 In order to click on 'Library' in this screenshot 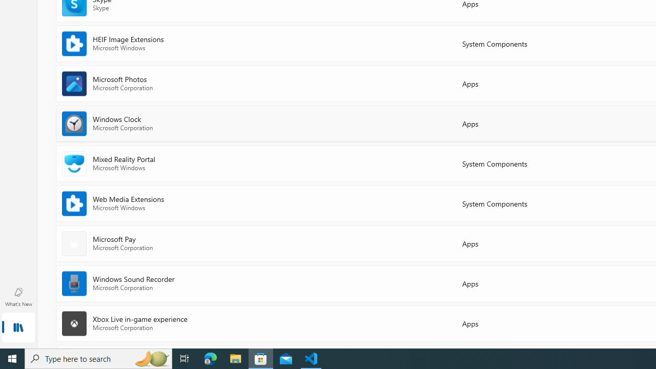, I will do `click(18, 328)`.